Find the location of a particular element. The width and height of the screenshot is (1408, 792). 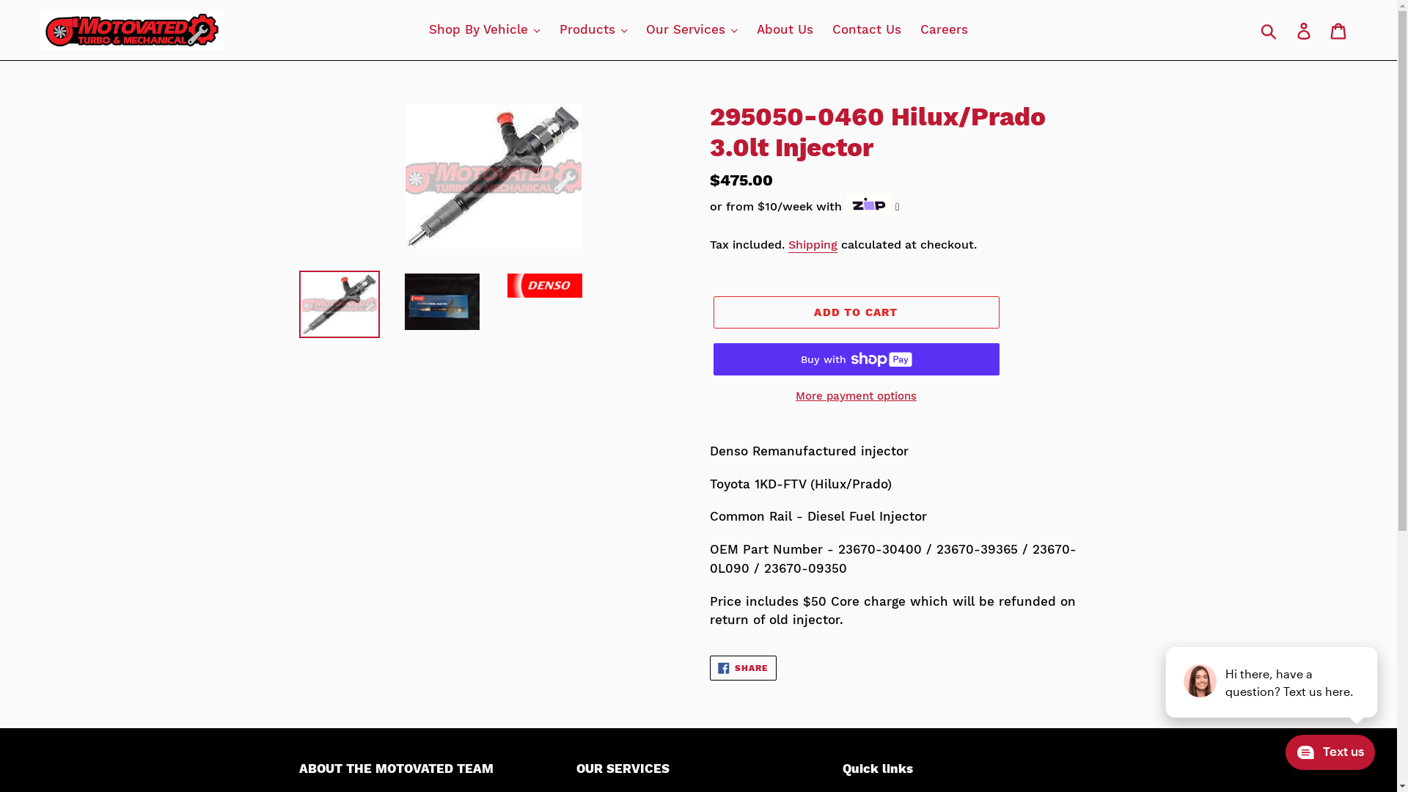

'Cart' is located at coordinates (1339, 30).